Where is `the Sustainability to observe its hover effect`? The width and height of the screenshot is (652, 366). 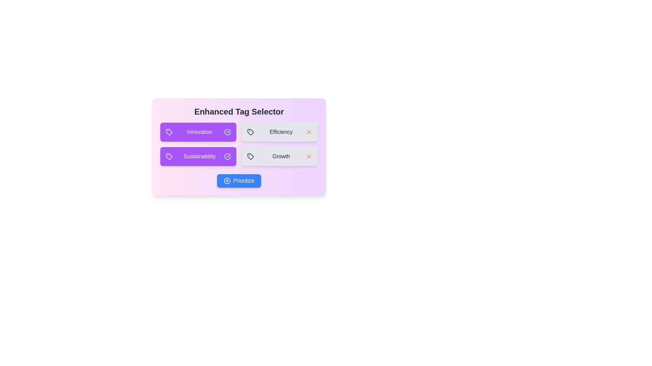 the Sustainability to observe its hover effect is located at coordinates (198, 157).